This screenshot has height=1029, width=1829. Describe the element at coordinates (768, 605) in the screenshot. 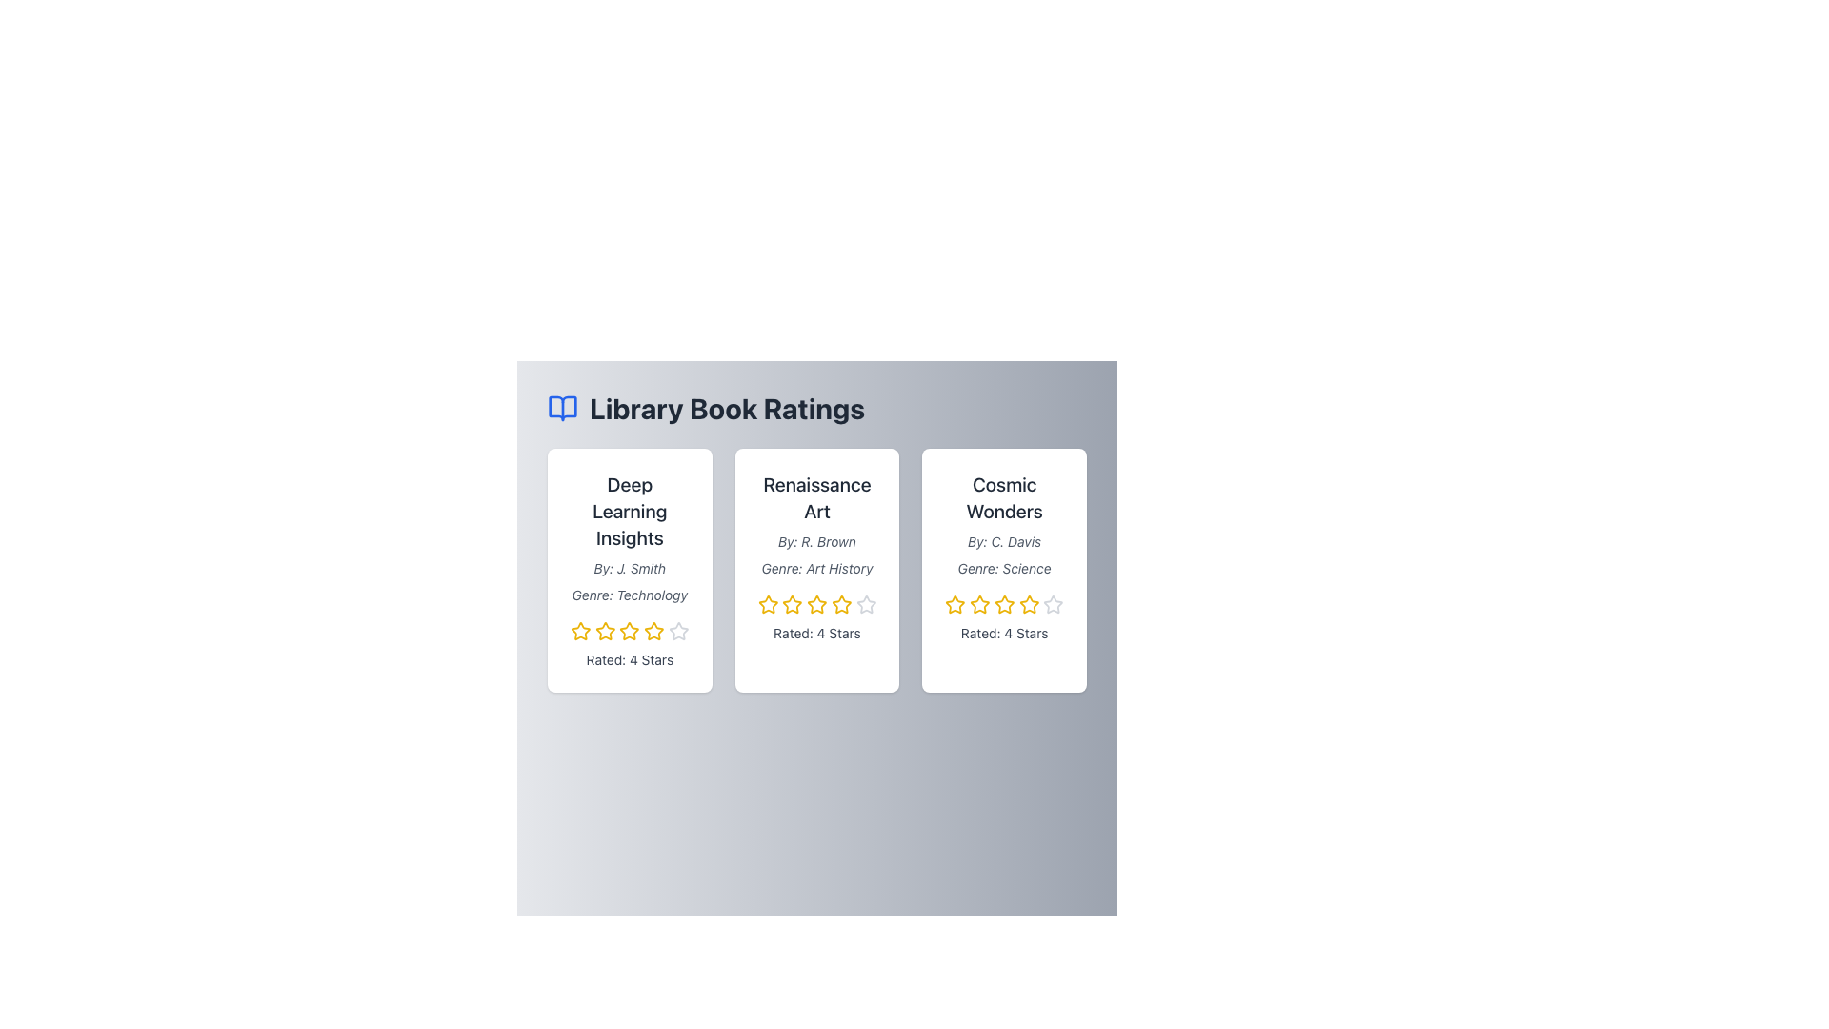

I see `over the first star icon in the rating system below the title 'Renaissance Art' for continuous rating adjustment` at that location.